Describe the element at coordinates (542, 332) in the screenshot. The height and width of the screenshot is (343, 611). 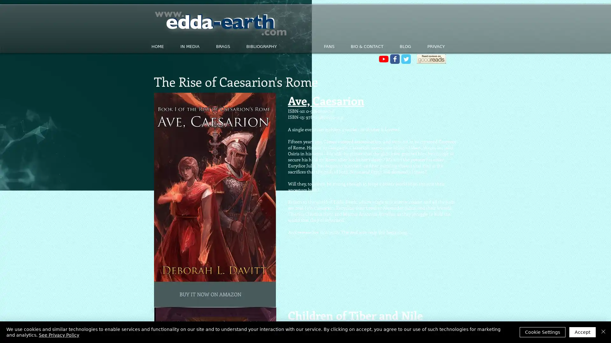
I see `Cookie Settings` at that location.